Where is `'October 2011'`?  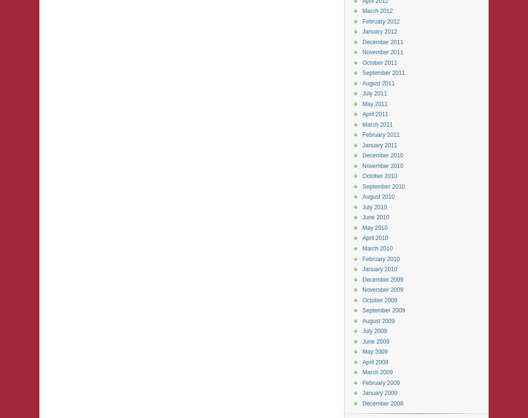 'October 2011' is located at coordinates (380, 62).